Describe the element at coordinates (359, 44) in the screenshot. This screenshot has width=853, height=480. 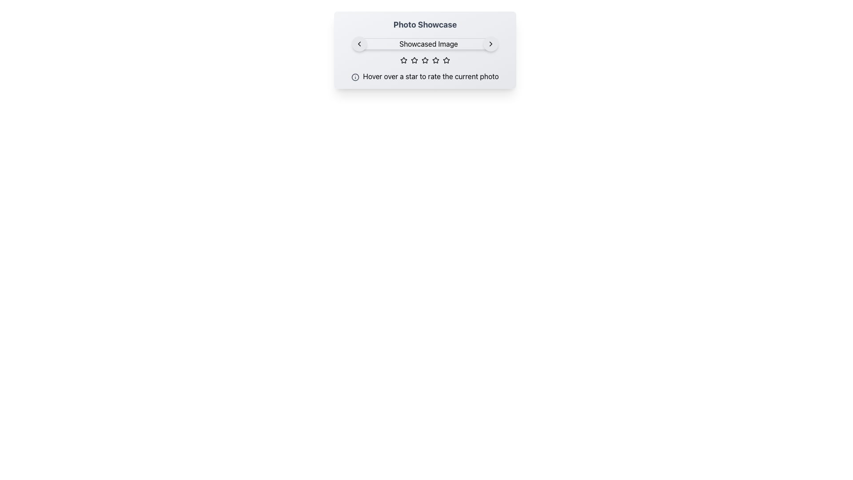
I see `the circular navigational Icon located near the left end of the navigation bar, directly left of the 'Showcased Image' text` at that location.